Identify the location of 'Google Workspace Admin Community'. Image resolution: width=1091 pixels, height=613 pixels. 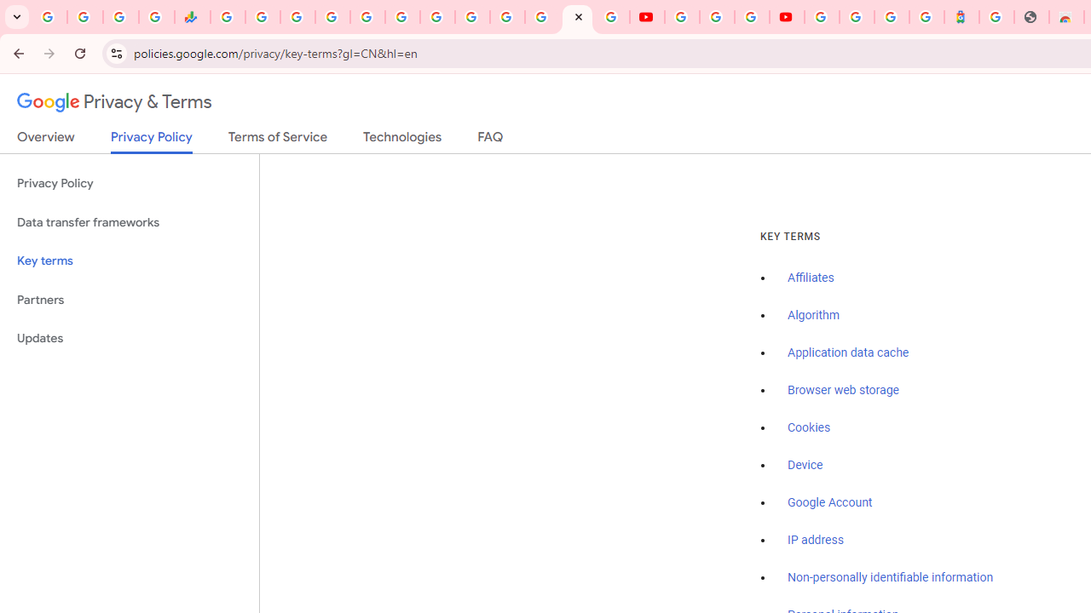
(49, 17).